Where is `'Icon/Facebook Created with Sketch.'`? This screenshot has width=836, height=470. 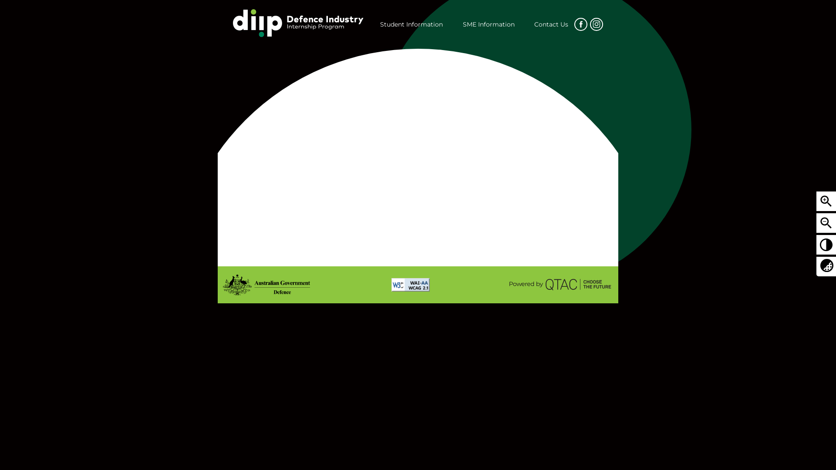
'Icon/Facebook Created with Sketch.' is located at coordinates (581, 24).